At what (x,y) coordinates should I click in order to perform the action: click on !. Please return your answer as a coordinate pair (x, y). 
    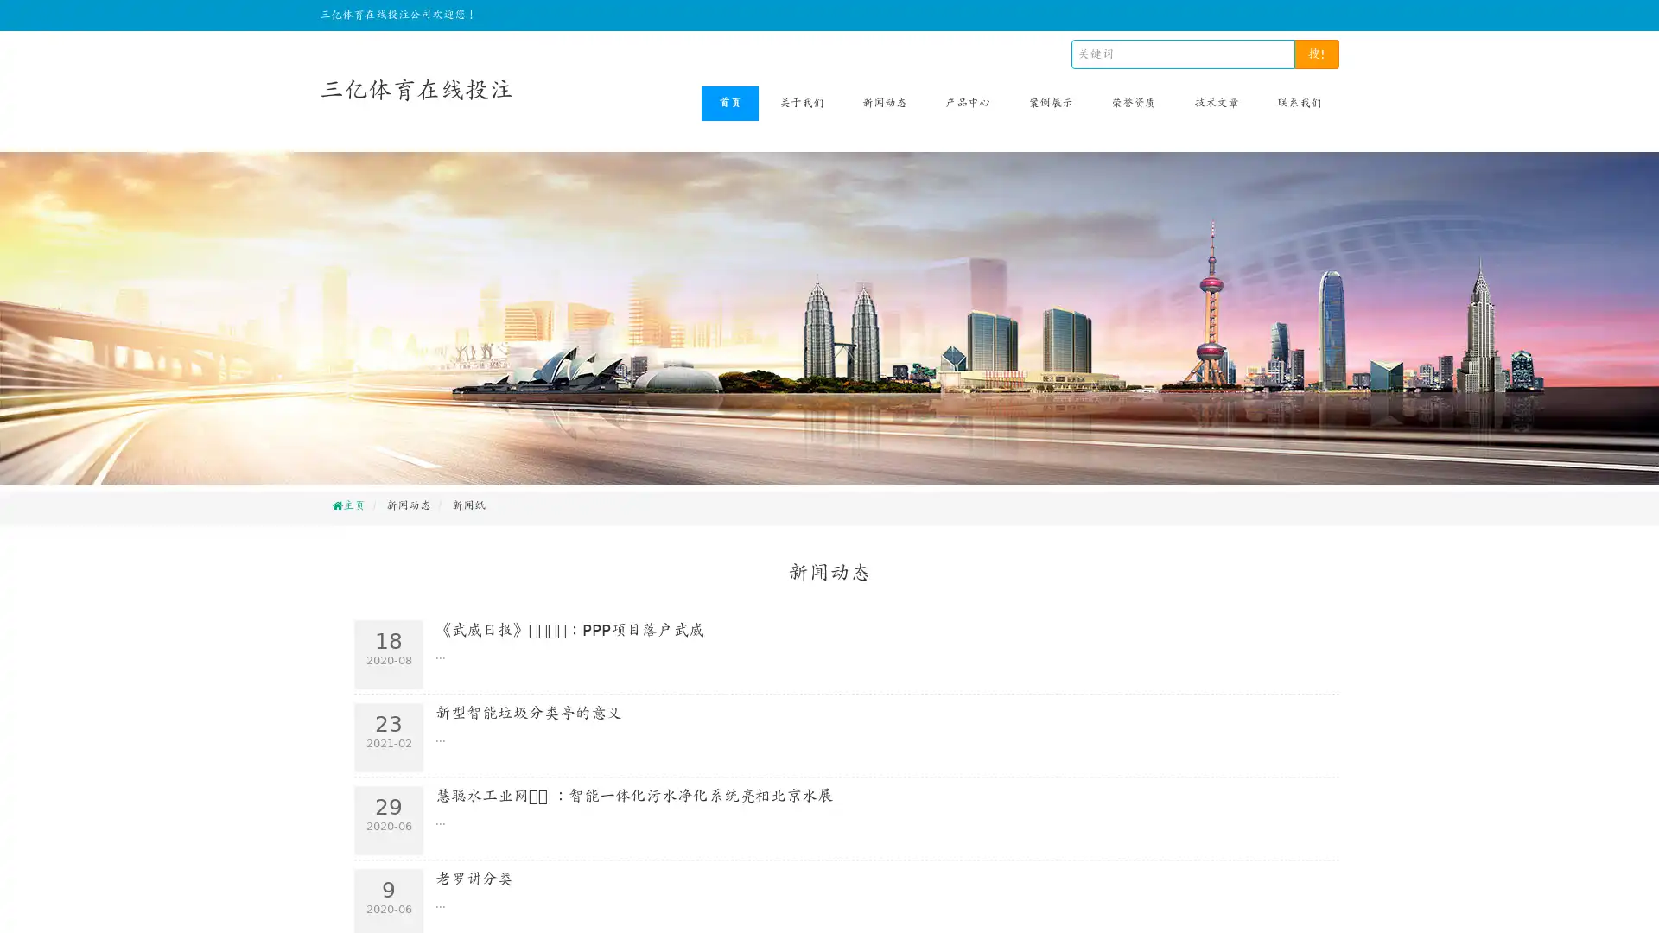
    Looking at the image, I should click on (1316, 53).